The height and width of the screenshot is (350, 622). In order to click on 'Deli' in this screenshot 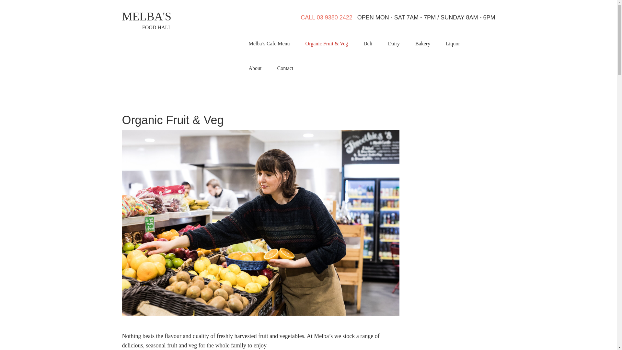, I will do `click(368, 44)`.